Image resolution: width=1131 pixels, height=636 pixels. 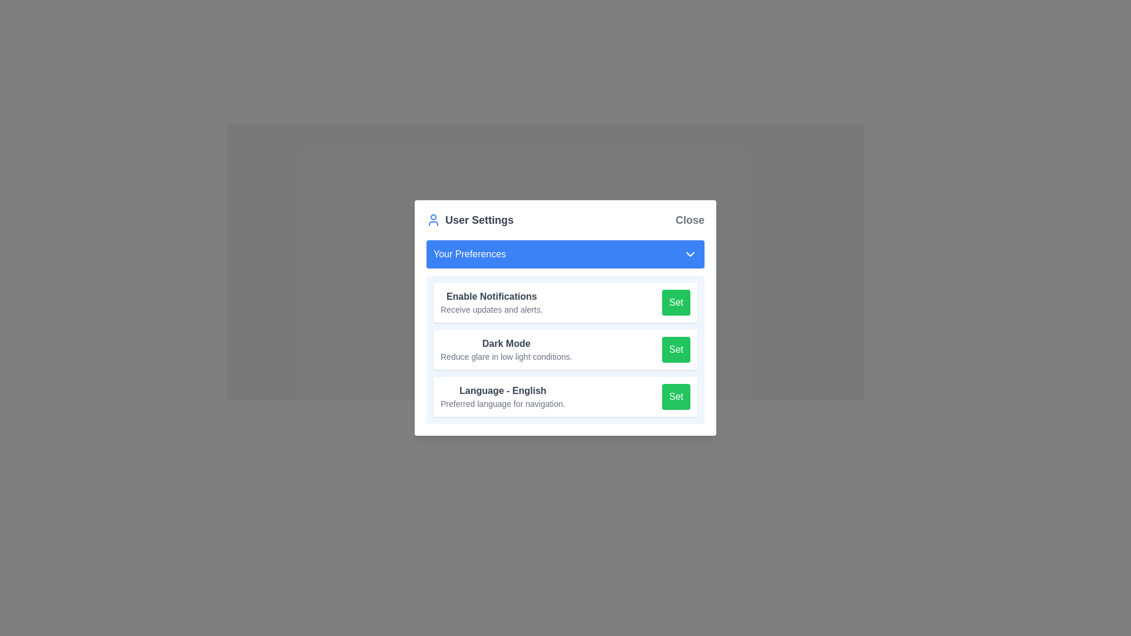 I want to click on the user icon located to the left of the 'User Settings' label in the header bar at the top of the modal dialog box, so click(x=432, y=220).